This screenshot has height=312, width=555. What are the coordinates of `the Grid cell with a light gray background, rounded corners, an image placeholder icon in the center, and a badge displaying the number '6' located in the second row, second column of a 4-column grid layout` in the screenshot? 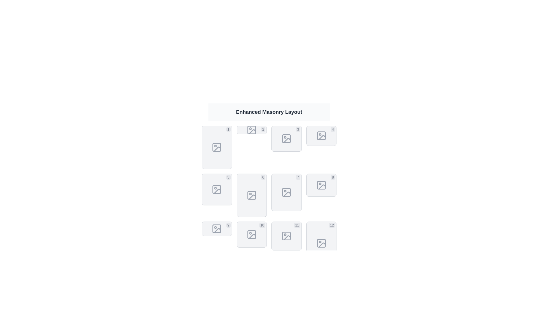 It's located at (251, 195).